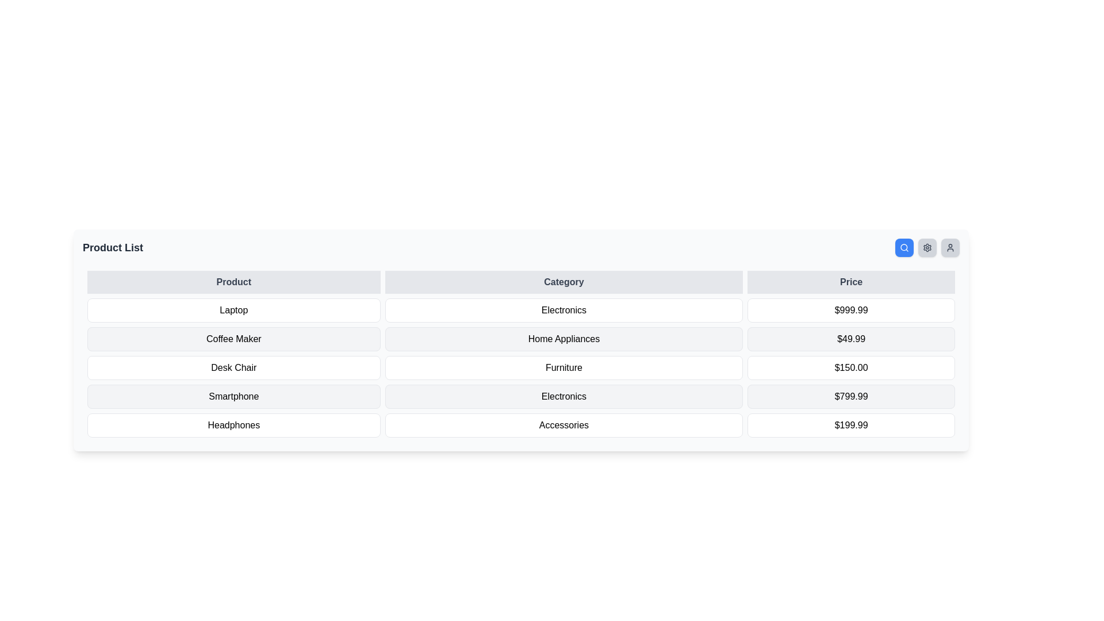  What do you see at coordinates (520, 425) in the screenshot?
I see `the last row of the product listing table that contains information about 'Headphones', categorized as 'Accessories' with a price of '$199.99'` at bounding box center [520, 425].